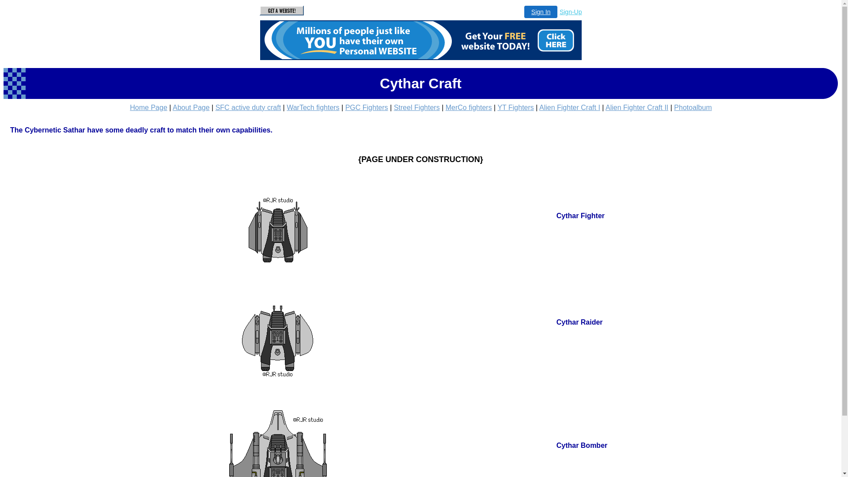 This screenshot has width=848, height=477. I want to click on 'Alien Fighter Craft I', so click(570, 107).